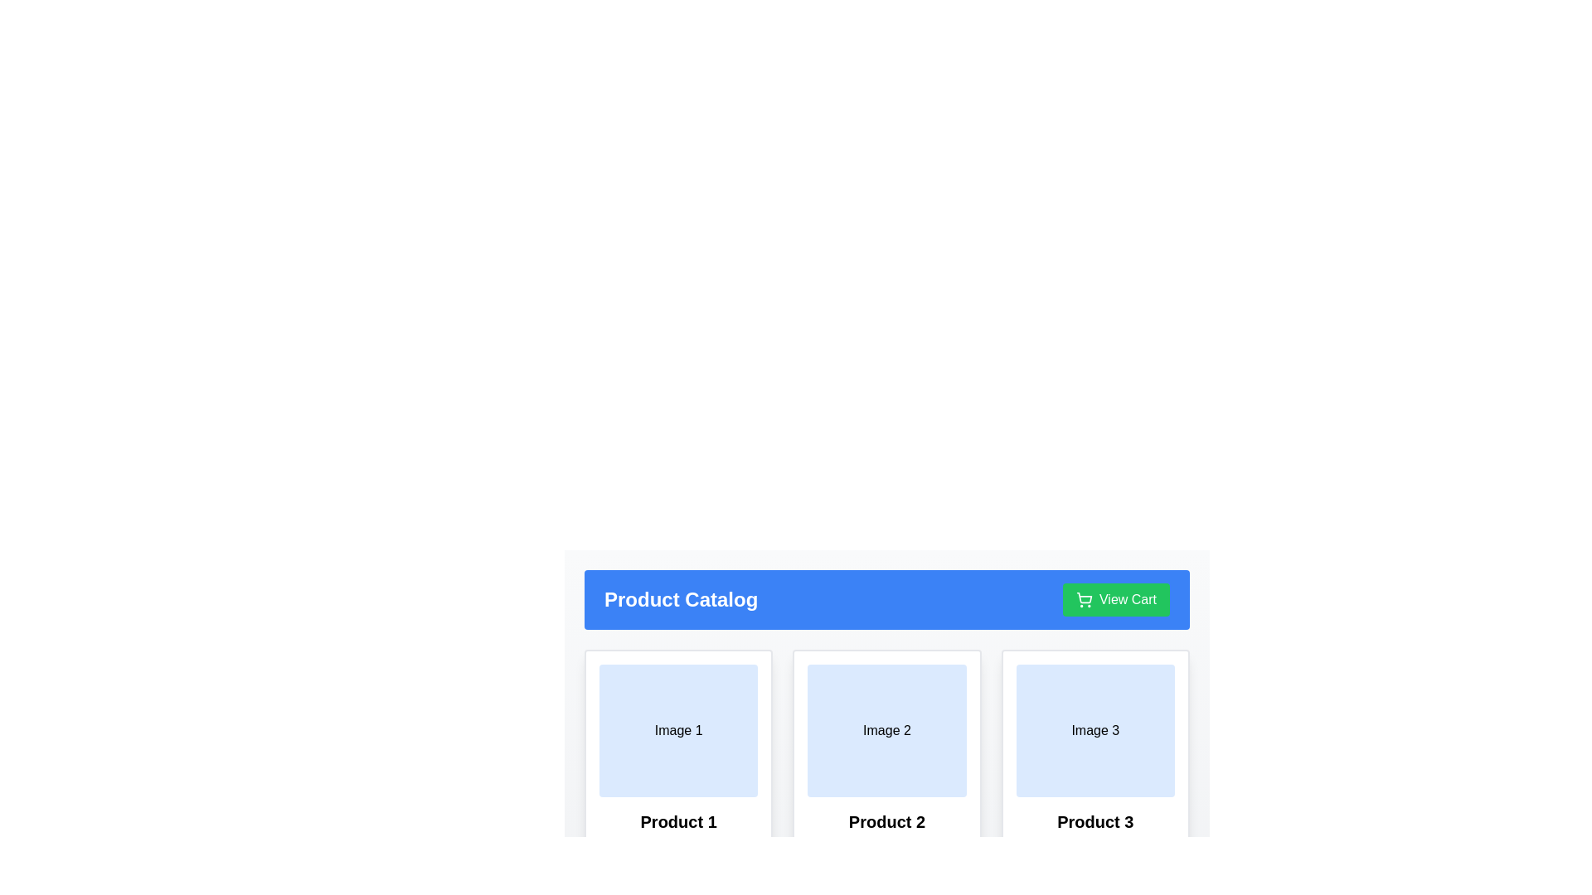 The width and height of the screenshot is (1592, 895). Describe the element at coordinates (1095, 821) in the screenshot. I see `text label element that prominently displays 'Product 3', located below the image labeled 'Image 3' and above the description text` at that location.